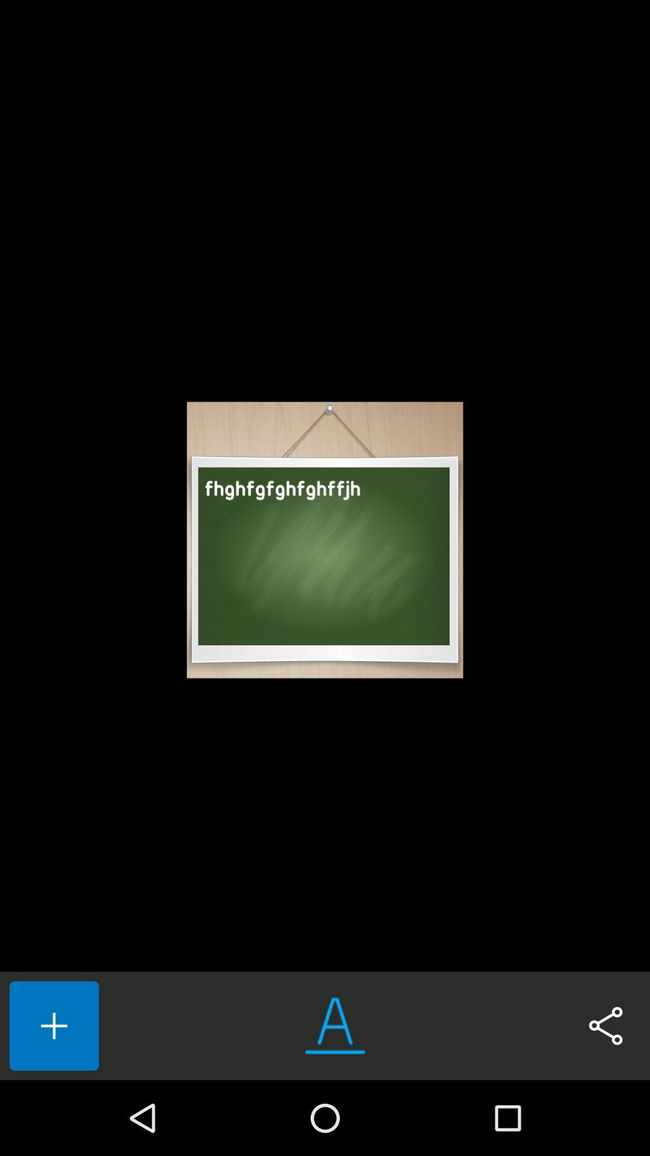  What do you see at coordinates (605, 1025) in the screenshot?
I see `the share icon` at bounding box center [605, 1025].